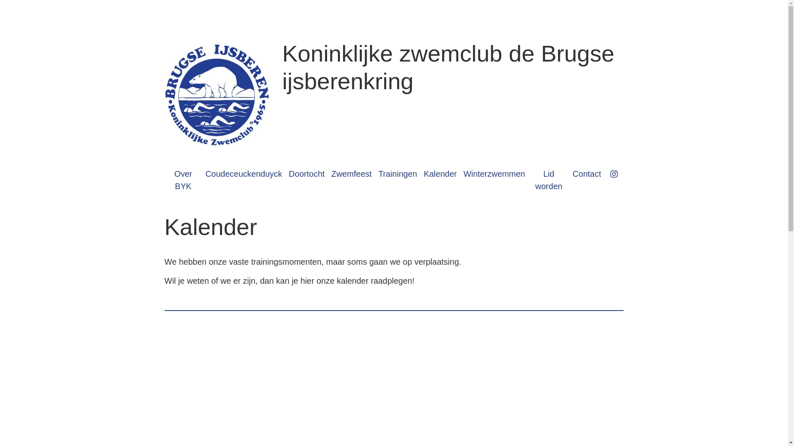 The image size is (794, 446). What do you see at coordinates (549, 179) in the screenshot?
I see `'Lid worden'` at bounding box center [549, 179].